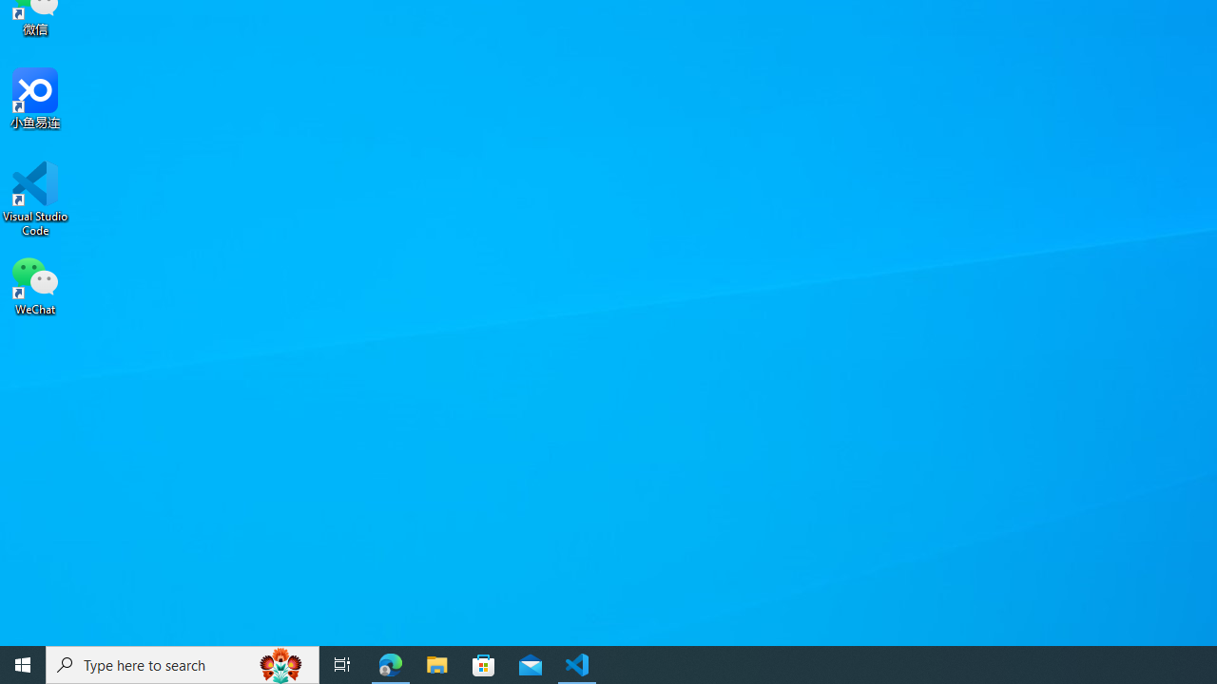  Describe the element at coordinates (390, 663) in the screenshot. I see `'Microsoft Edge - 1 running window'` at that location.